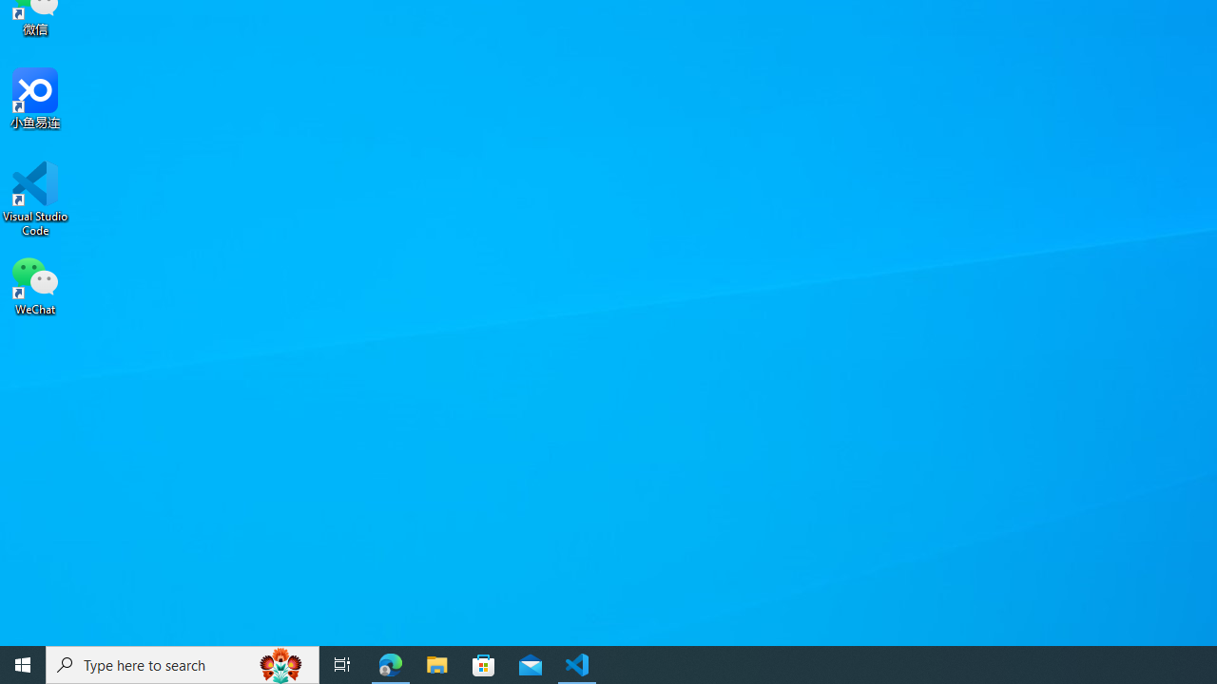  Describe the element at coordinates (390, 663) in the screenshot. I see `'Microsoft Edge - 1 running window'` at that location.